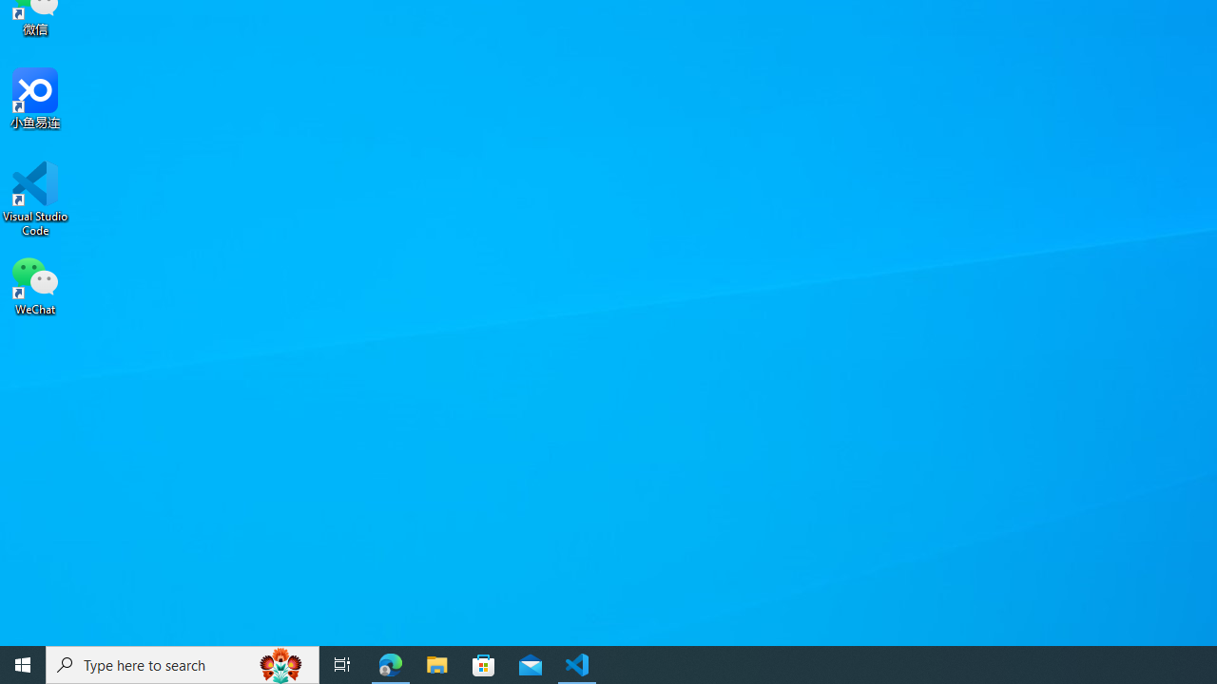  Describe the element at coordinates (390, 663) in the screenshot. I see `'Microsoft Edge - 1 running window'` at that location.